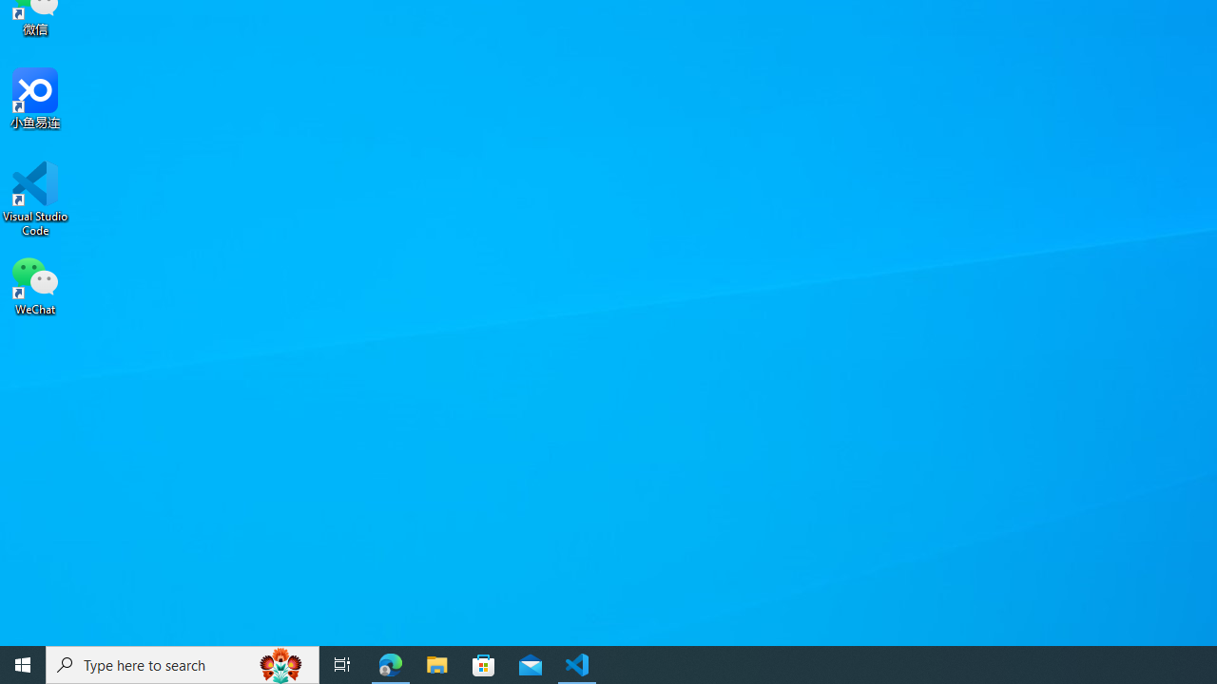  Describe the element at coordinates (390, 663) in the screenshot. I see `'Microsoft Edge - 1 running window'` at that location.